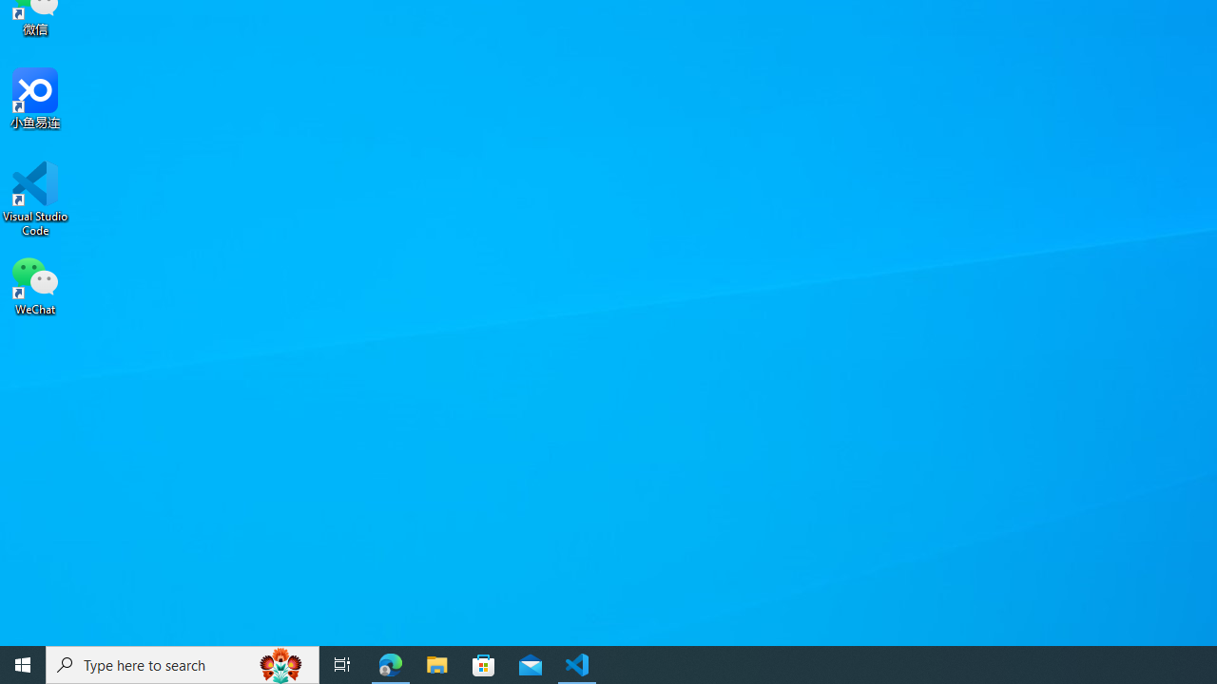  Describe the element at coordinates (390, 663) in the screenshot. I see `'Microsoft Edge - 1 running window'` at that location.